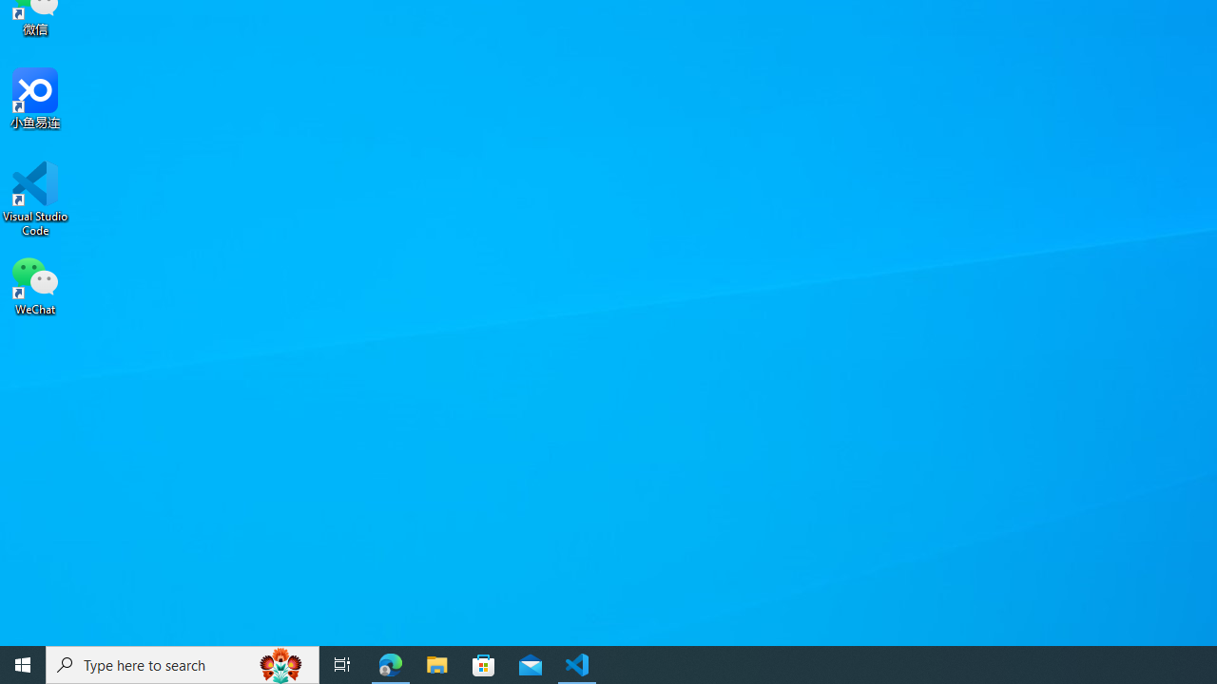  Describe the element at coordinates (390, 663) in the screenshot. I see `'Microsoft Edge - 1 running window'` at that location.